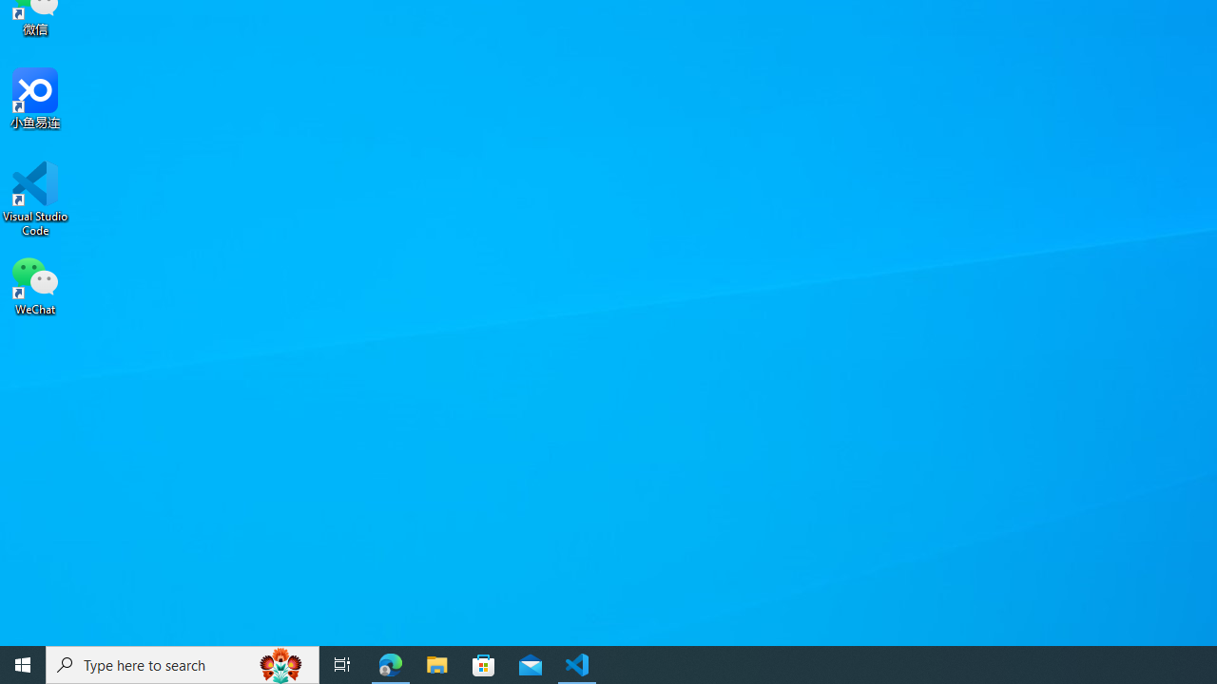  Describe the element at coordinates (390, 663) in the screenshot. I see `'Microsoft Edge - 1 running window'` at that location.